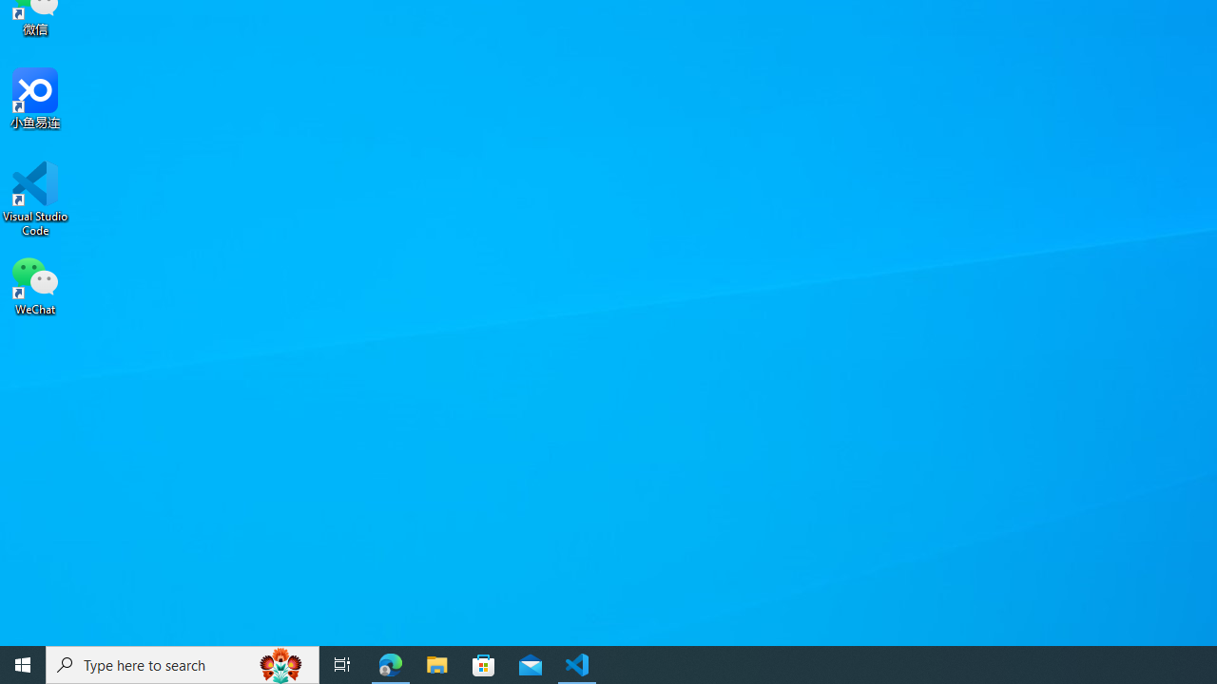  Describe the element at coordinates (390, 663) in the screenshot. I see `'Microsoft Edge - 1 running window'` at that location.